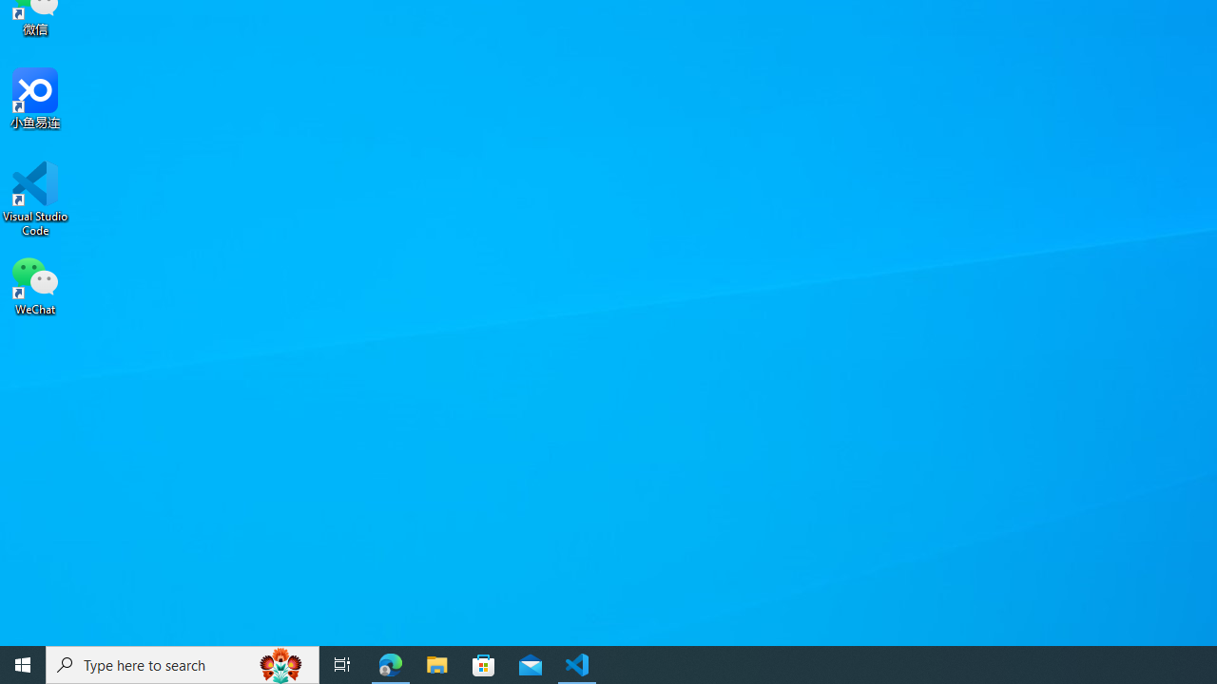  Describe the element at coordinates (390, 663) in the screenshot. I see `'Microsoft Edge - 1 running window'` at that location.